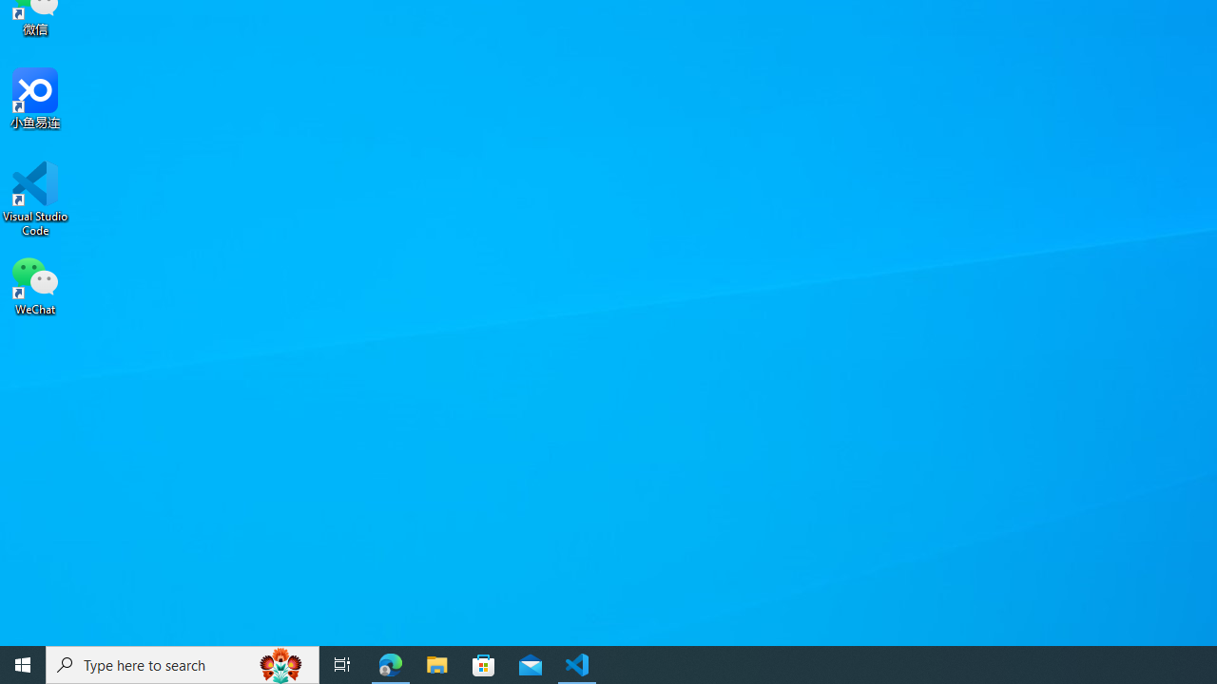  Describe the element at coordinates (390, 663) in the screenshot. I see `'Microsoft Edge - 1 running window'` at that location.